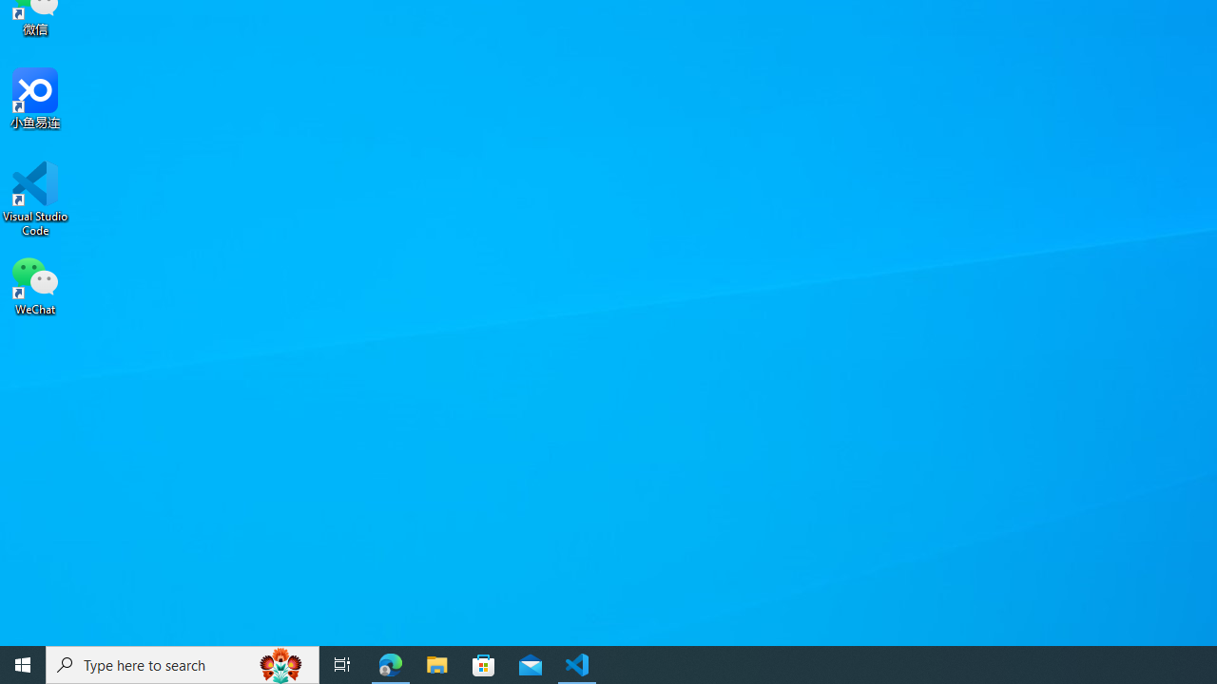  Describe the element at coordinates (390, 663) in the screenshot. I see `'Microsoft Edge - 1 running window'` at that location.